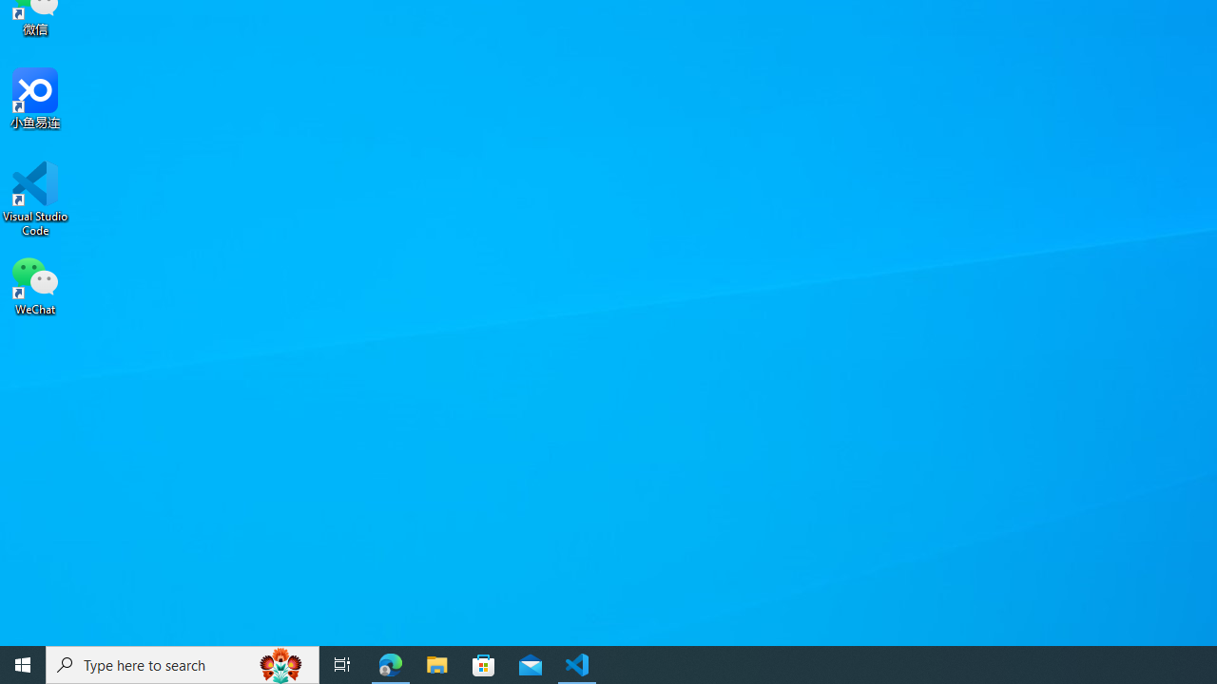  Describe the element at coordinates (390, 663) in the screenshot. I see `'Microsoft Edge - 1 running window'` at that location.